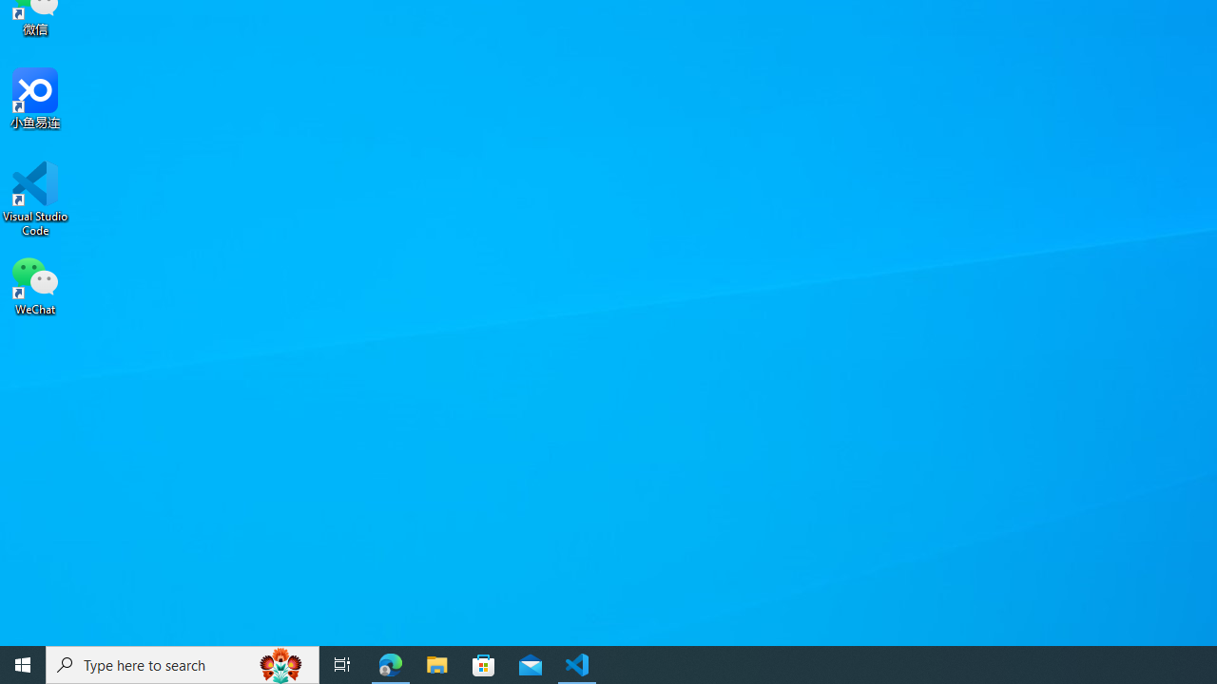  Describe the element at coordinates (390, 663) in the screenshot. I see `'Microsoft Edge - 1 running window'` at that location.